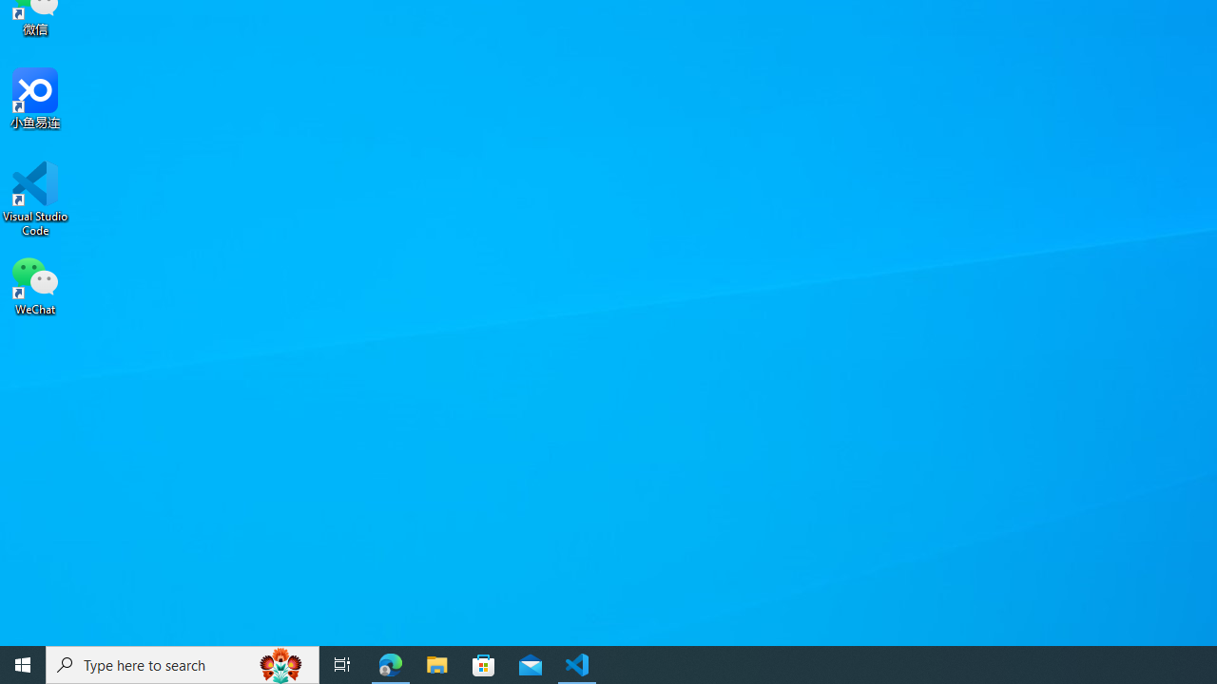  Describe the element at coordinates (390, 663) in the screenshot. I see `'Microsoft Edge - 1 running window'` at that location.